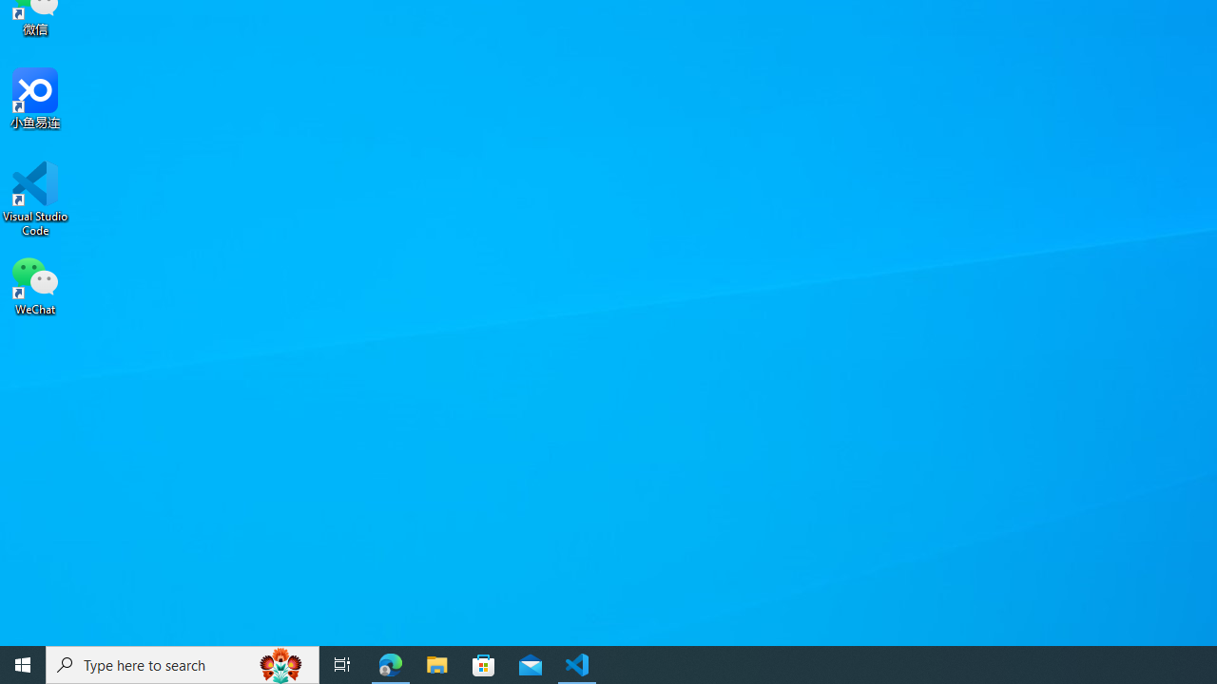  Describe the element at coordinates (390, 663) in the screenshot. I see `'Microsoft Edge - 1 running window'` at that location.